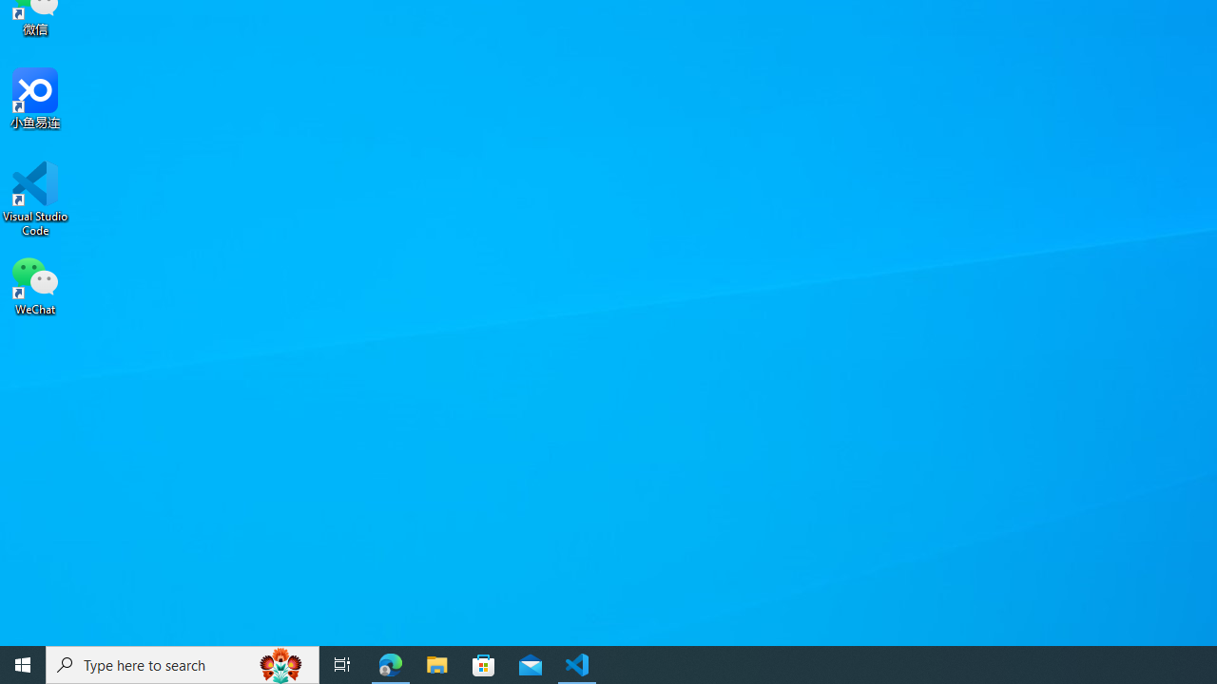  Describe the element at coordinates (390, 663) in the screenshot. I see `'Microsoft Edge - 1 running window'` at that location.